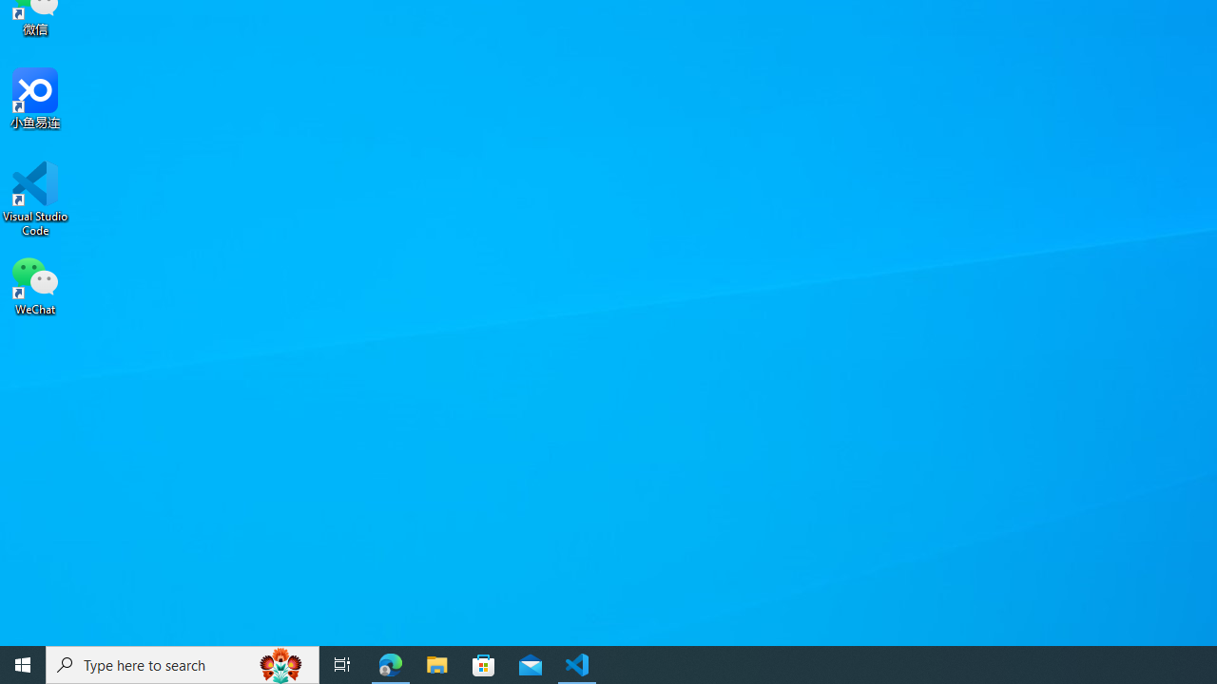  Describe the element at coordinates (390, 663) in the screenshot. I see `'Microsoft Edge - 1 running window'` at that location.